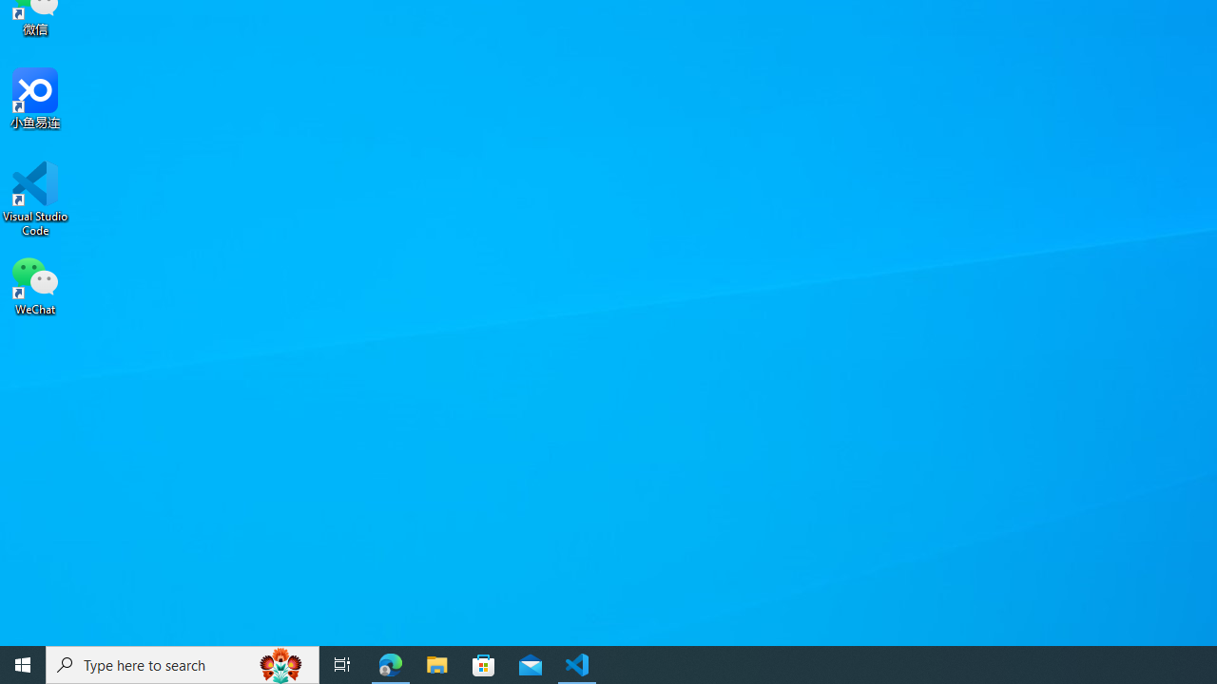  Describe the element at coordinates (390, 663) in the screenshot. I see `'Microsoft Edge - 1 running window'` at that location.